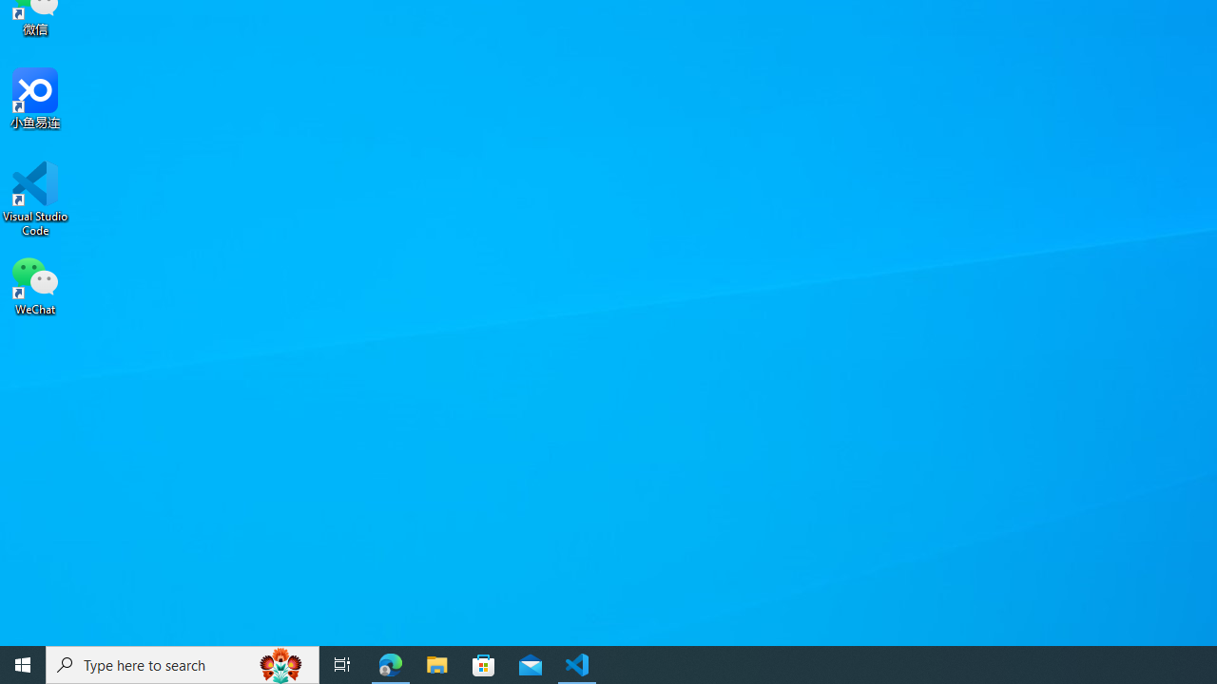  Describe the element at coordinates (390, 663) in the screenshot. I see `'Microsoft Edge - 1 running window'` at that location.